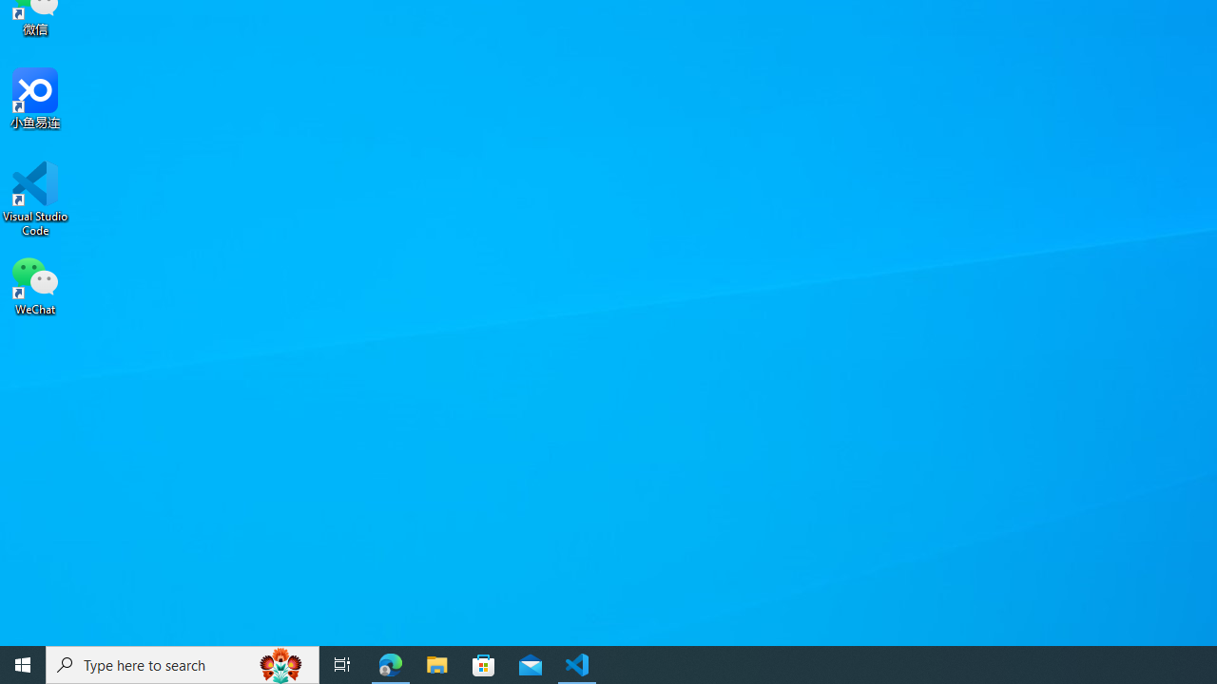  Describe the element at coordinates (390, 663) in the screenshot. I see `'Microsoft Edge - 1 running window'` at that location.